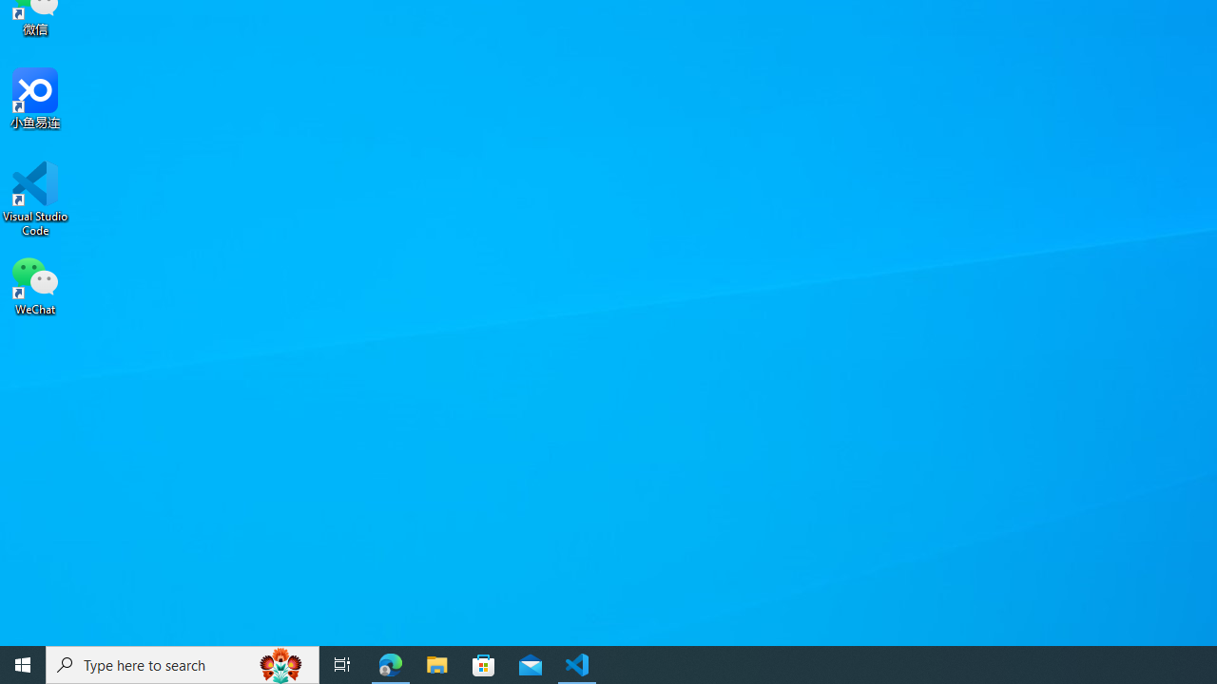  Describe the element at coordinates (390, 663) in the screenshot. I see `'Microsoft Edge - 1 running window'` at that location.